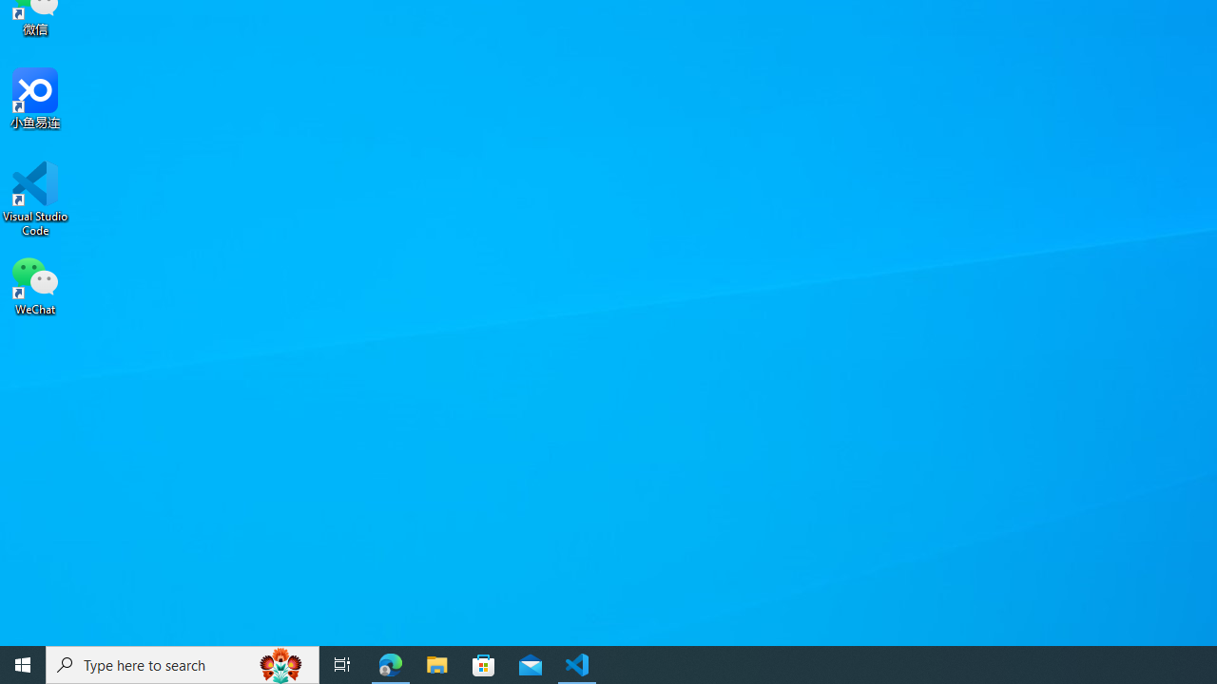  Describe the element at coordinates (390, 663) in the screenshot. I see `'Microsoft Edge - 1 running window'` at that location.